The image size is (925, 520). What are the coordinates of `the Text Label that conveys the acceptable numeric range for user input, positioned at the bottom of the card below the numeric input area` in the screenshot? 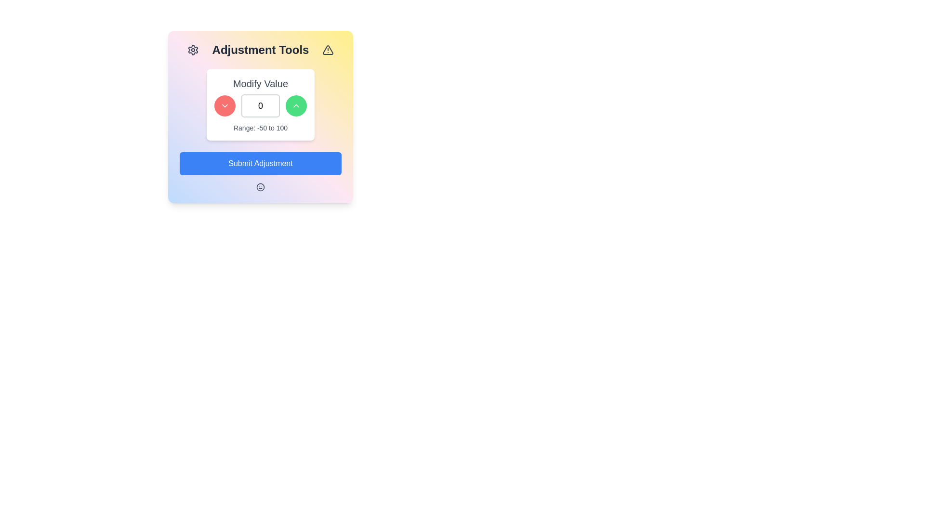 It's located at (261, 128).